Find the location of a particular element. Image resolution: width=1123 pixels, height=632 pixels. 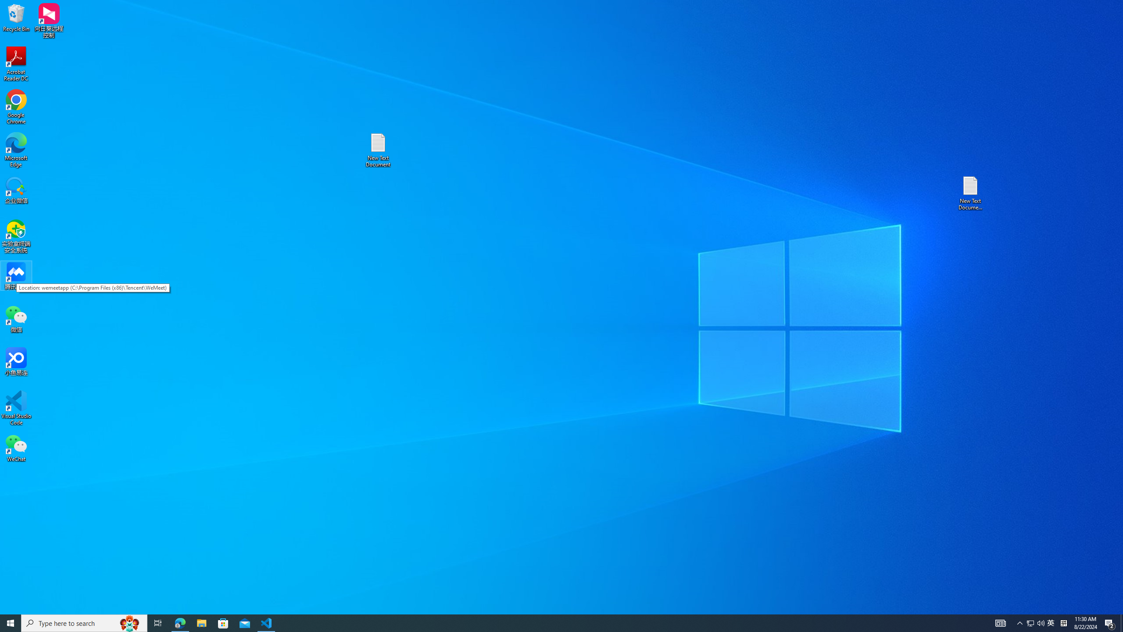

'Google Chrome' is located at coordinates (16, 107).